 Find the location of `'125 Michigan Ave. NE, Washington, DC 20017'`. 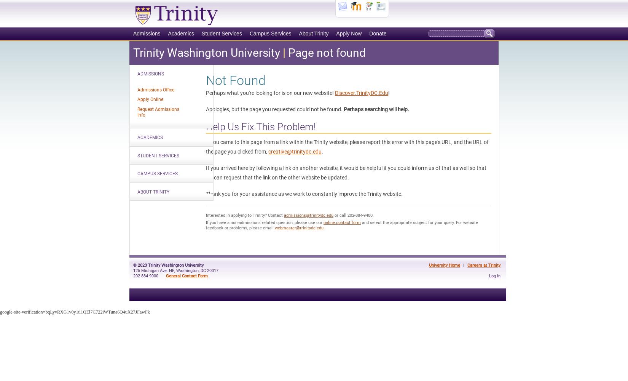

'125 Michigan Ave. NE, Washington, DC 20017' is located at coordinates (175, 270).